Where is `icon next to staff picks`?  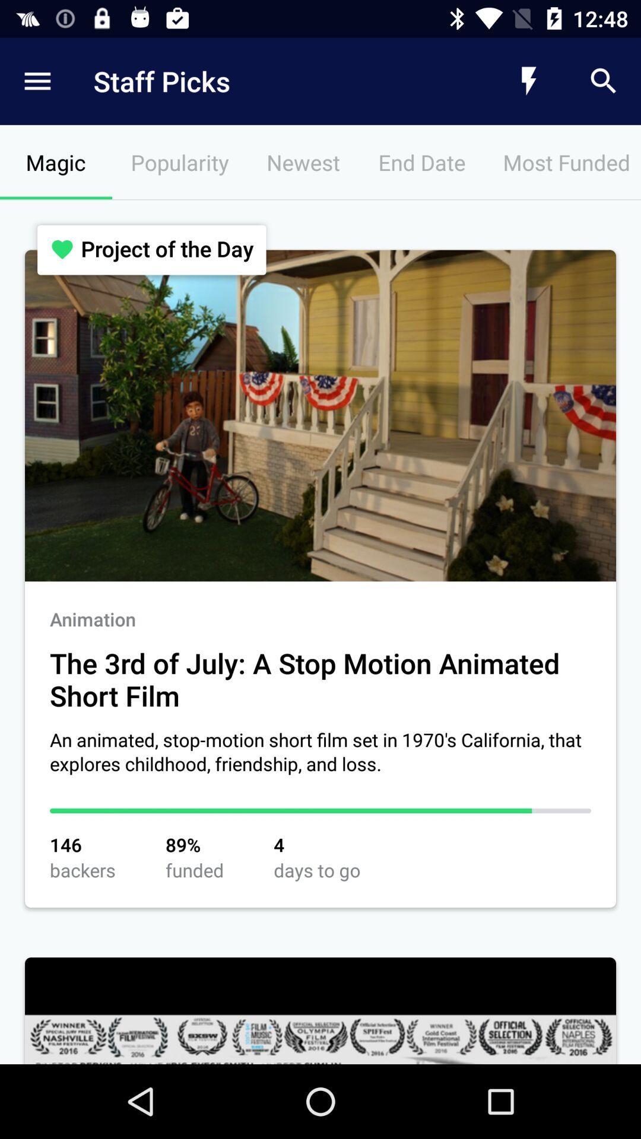
icon next to staff picks is located at coordinates (528, 81).